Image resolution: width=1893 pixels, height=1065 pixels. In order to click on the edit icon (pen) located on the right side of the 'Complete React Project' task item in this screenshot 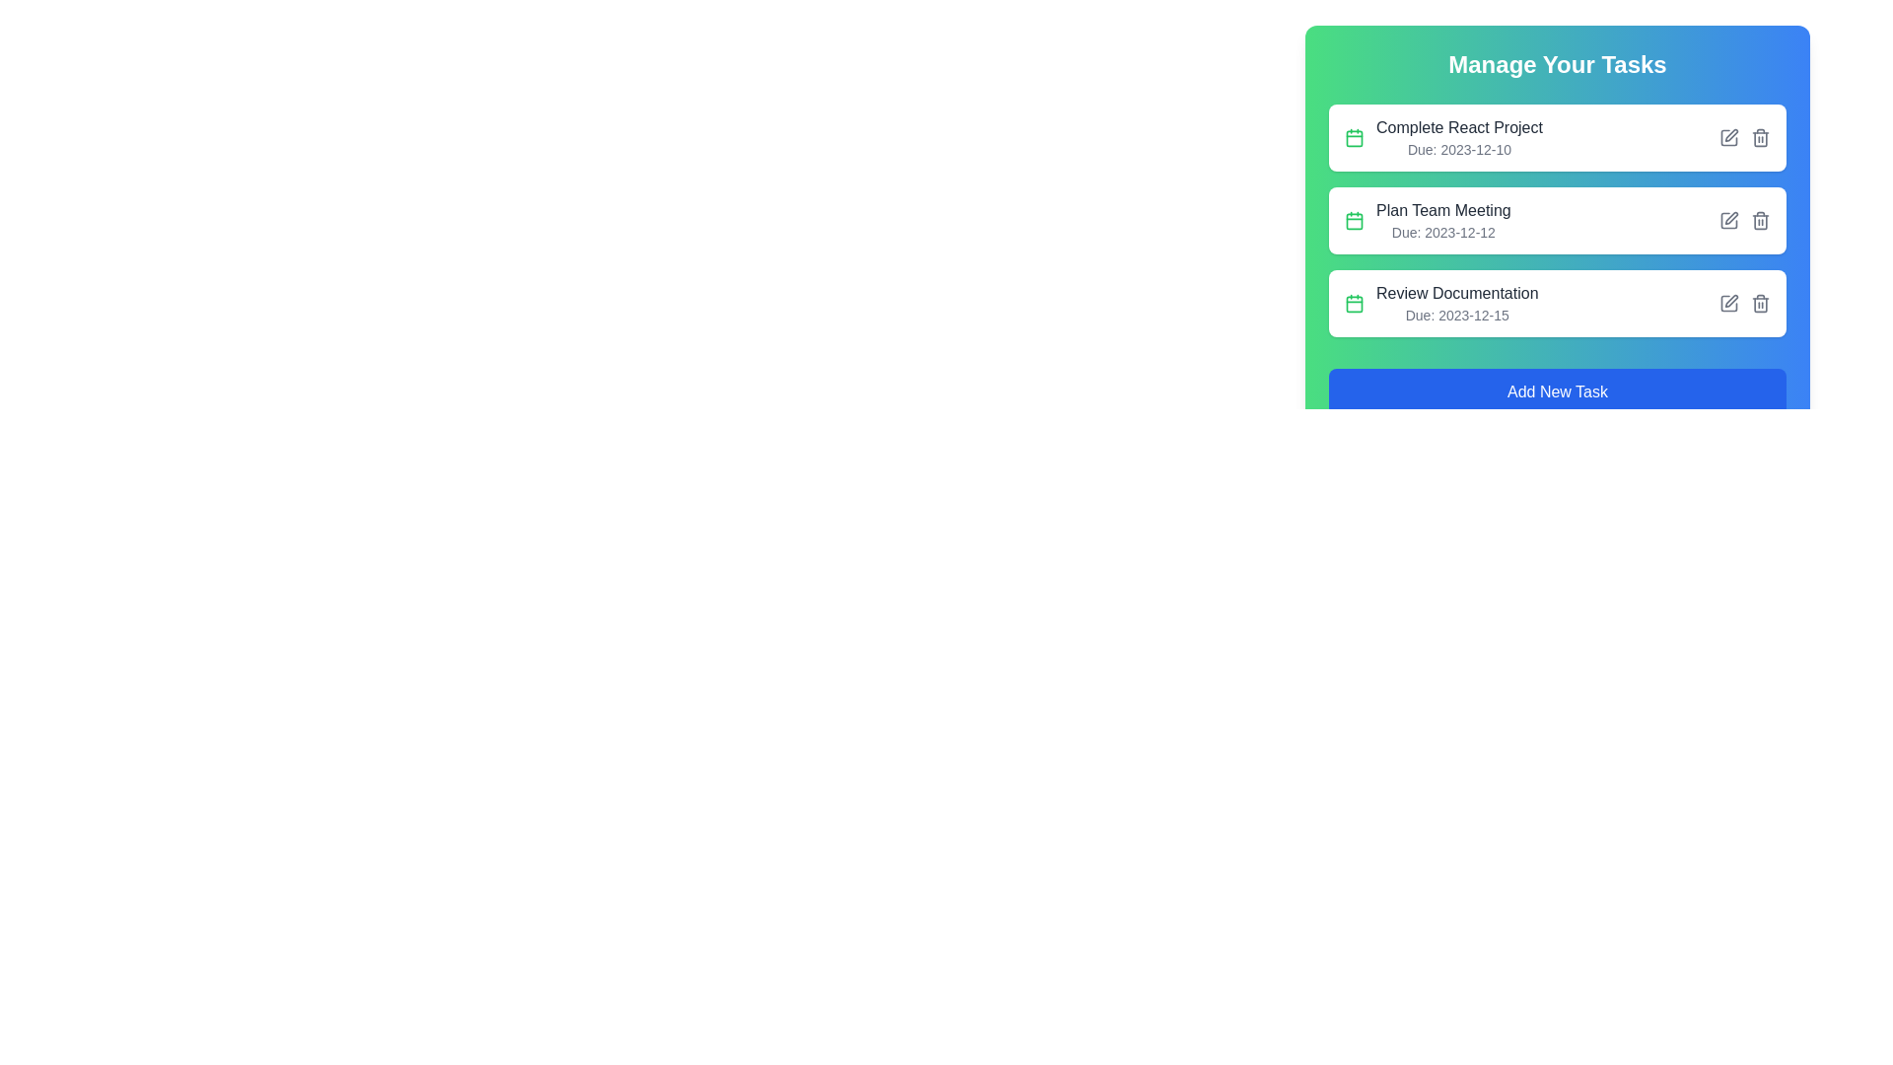, I will do `click(1727, 136)`.